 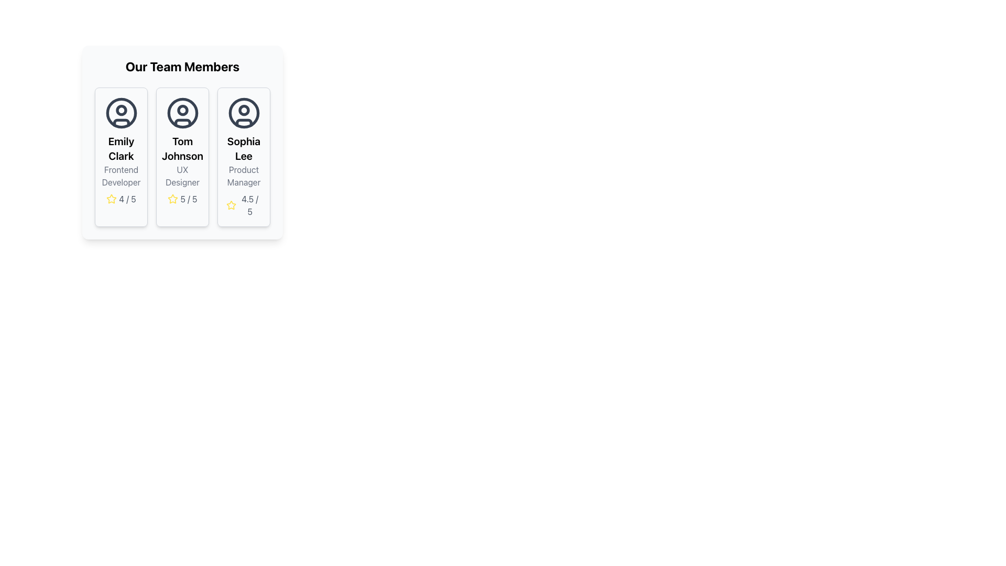 I want to click on the 'Product Manager' text label, which is styled in gray and located in the rightmost employee card below 'Sophia Lee' and above the star rating '4.5 / 5.', so click(x=243, y=175).